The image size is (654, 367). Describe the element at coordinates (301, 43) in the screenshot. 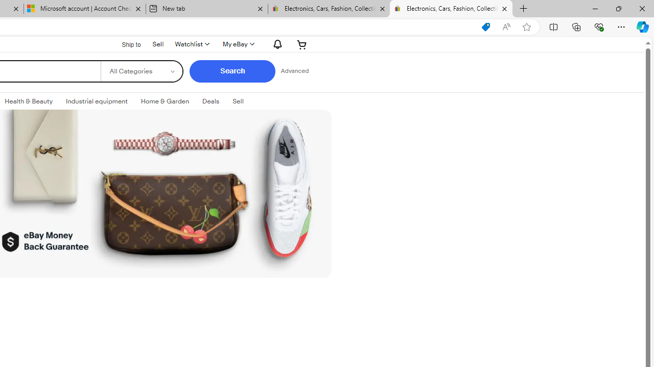

I see `'Your shopping cart'` at that location.